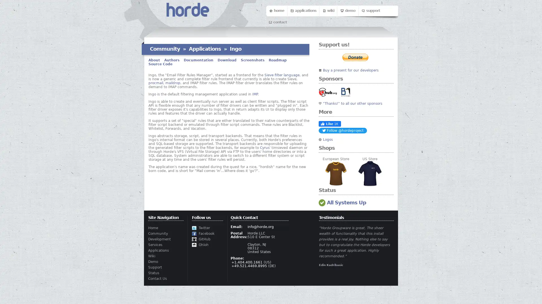  I want to click on PayPal - The safer, easier way to pay online!, so click(355, 57).